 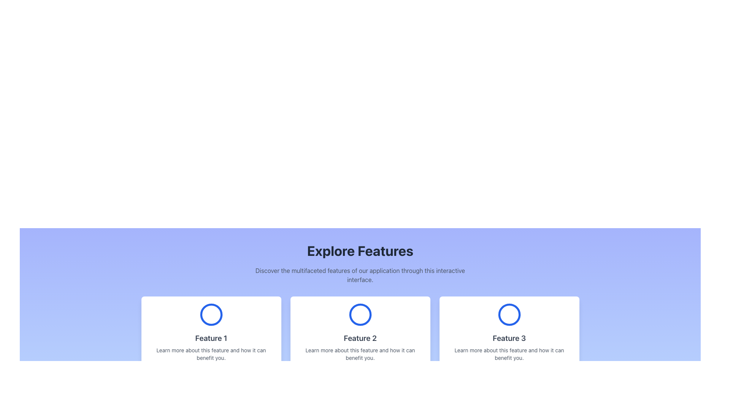 I want to click on the text block that displays the sentence: "Discover the multifaceted features of our application through this interactive interface." which is styled in gray and centered beneath the 'Explore Features' header, so click(x=360, y=275).